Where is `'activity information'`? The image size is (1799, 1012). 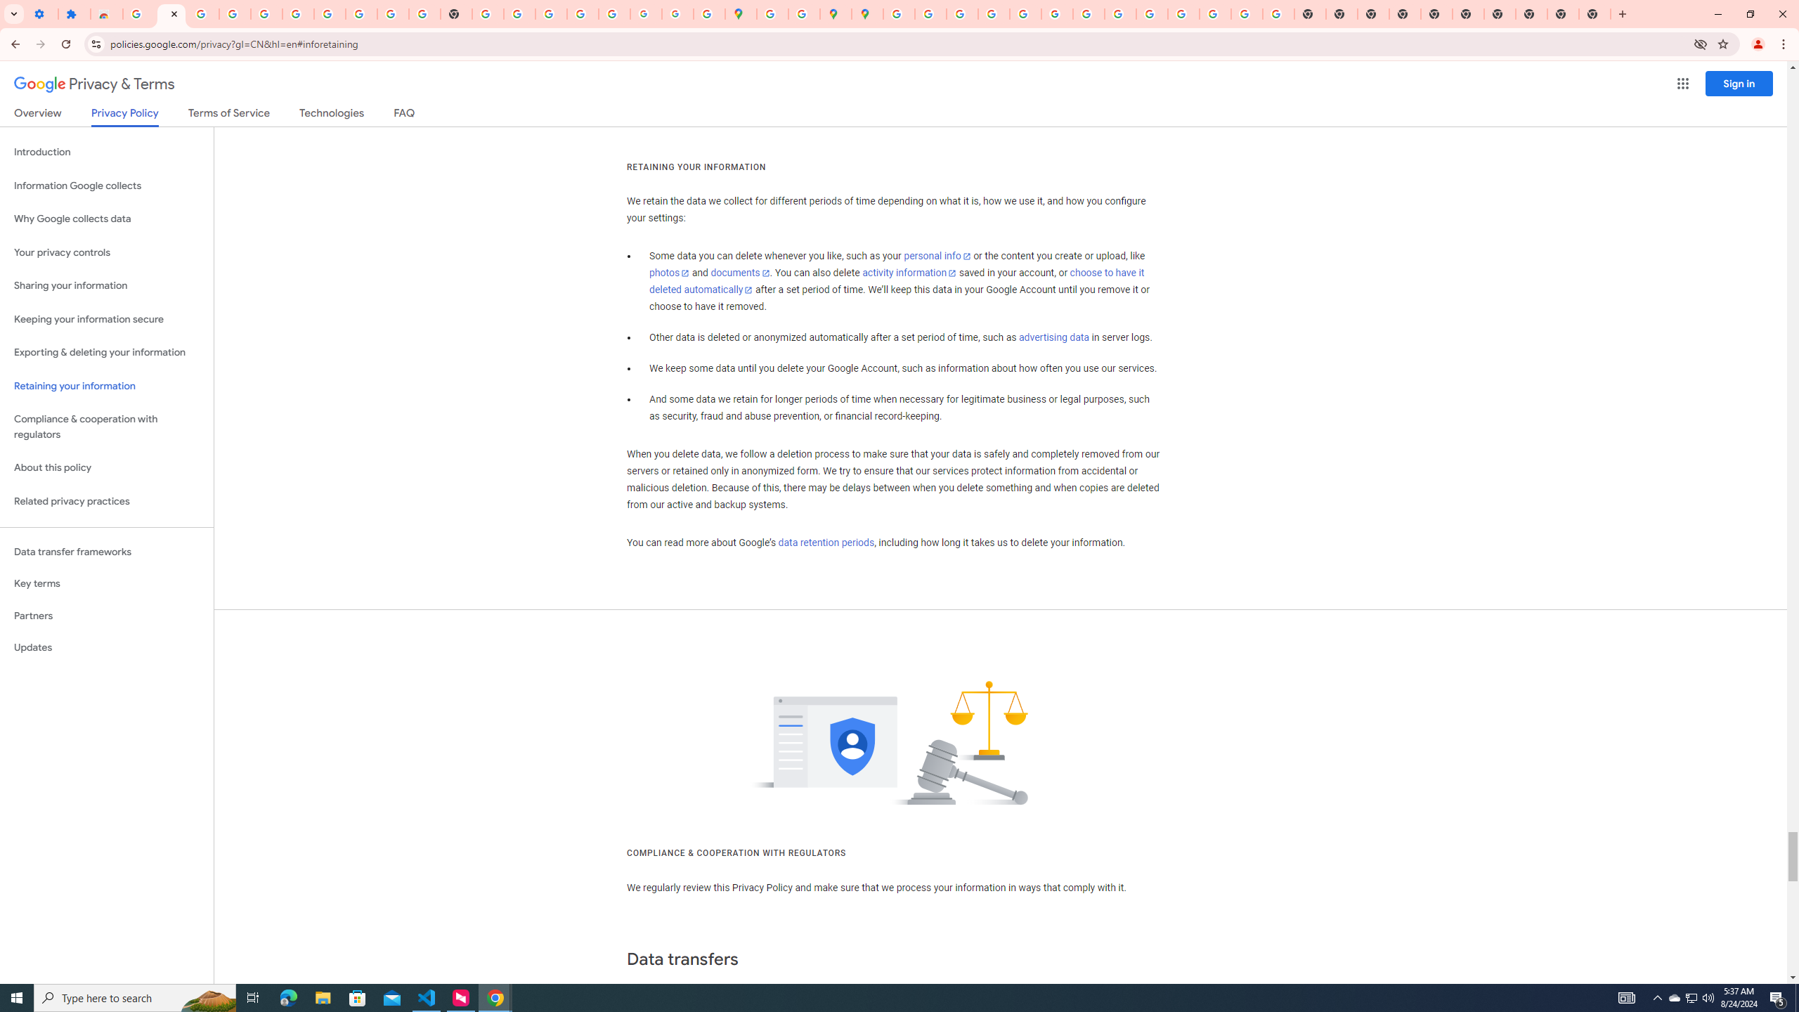 'activity information' is located at coordinates (909, 272).